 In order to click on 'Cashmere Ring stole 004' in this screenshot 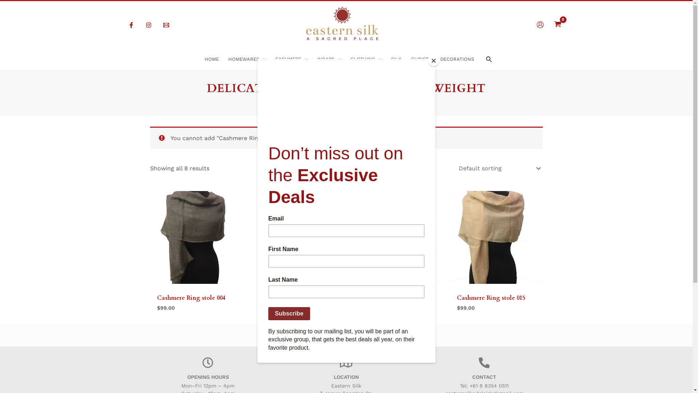, I will do `click(191, 299)`.